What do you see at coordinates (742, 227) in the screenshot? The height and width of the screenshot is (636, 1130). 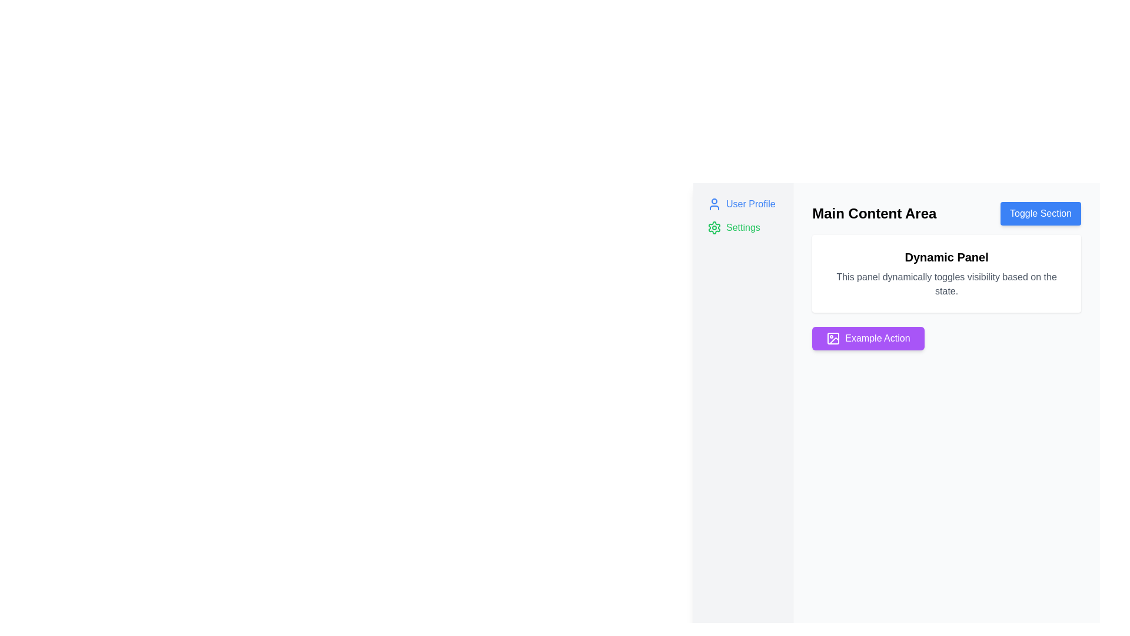 I see `the navigation button located below the 'User Profile' element` at bounding box center [742, 227].